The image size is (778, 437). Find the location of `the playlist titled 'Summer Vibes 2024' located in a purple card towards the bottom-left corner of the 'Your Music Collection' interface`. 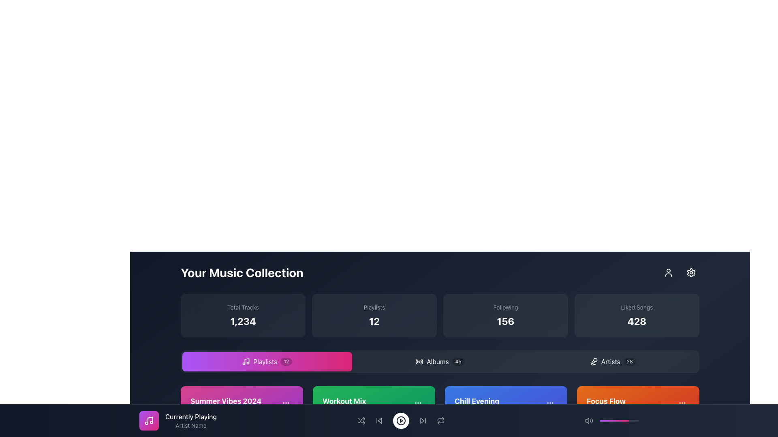

the playlist titled 'Summer Vibes 2024' located in a purple card towards the bottom-left corner of the 'Your Music Collection' interface is located at coordinates (226, 406).